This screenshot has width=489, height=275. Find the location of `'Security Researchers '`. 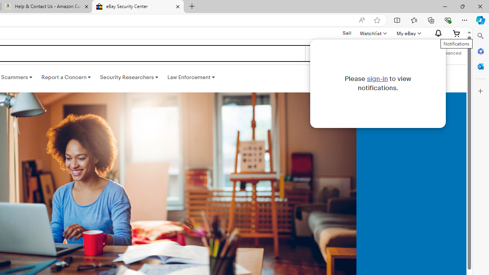

'Security Researchers ' is located at coordinates (129, 78).